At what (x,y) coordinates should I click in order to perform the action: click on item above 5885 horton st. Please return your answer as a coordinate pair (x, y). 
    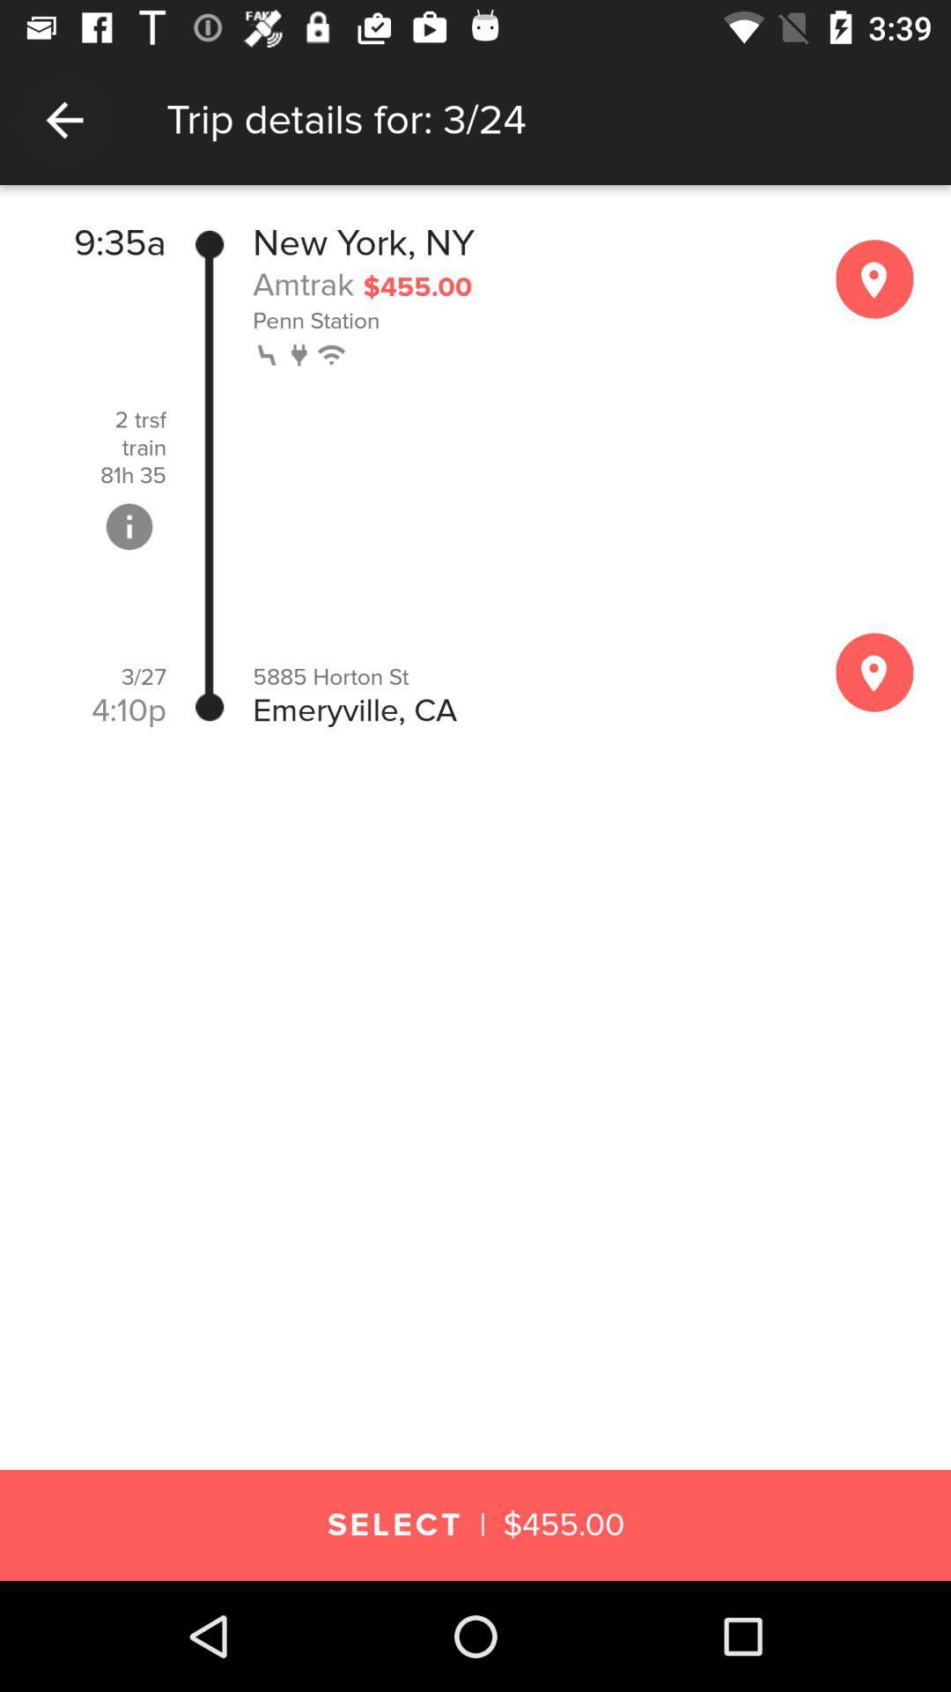
    Looking at the image, I should click on (269, 352).